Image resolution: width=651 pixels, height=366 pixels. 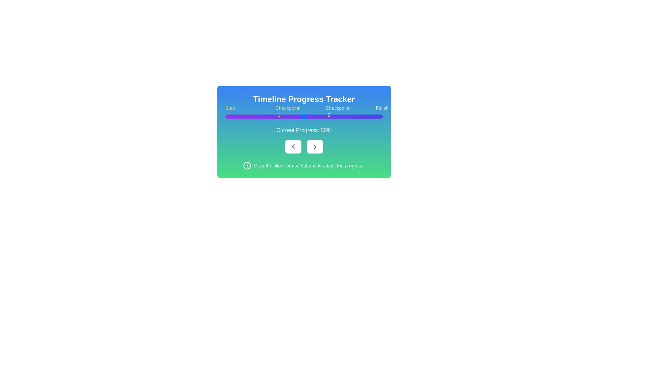 I want to click on progress on the slider, so click(x=331, y=116).